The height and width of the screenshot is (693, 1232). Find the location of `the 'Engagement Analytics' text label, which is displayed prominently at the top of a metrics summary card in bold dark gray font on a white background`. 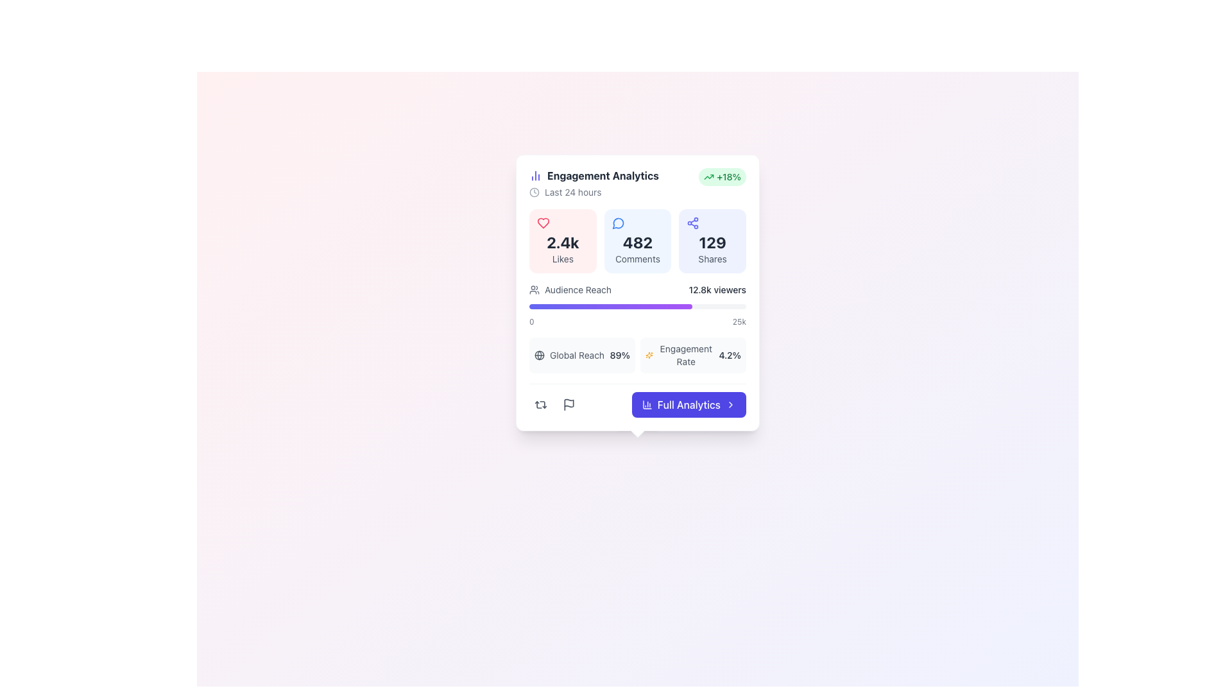

the 'Engagement Analytics' text label, which is displayed prominently at the top of a metrics summary card in bold dark gray font on a white background is located at coordinates (603, 175).